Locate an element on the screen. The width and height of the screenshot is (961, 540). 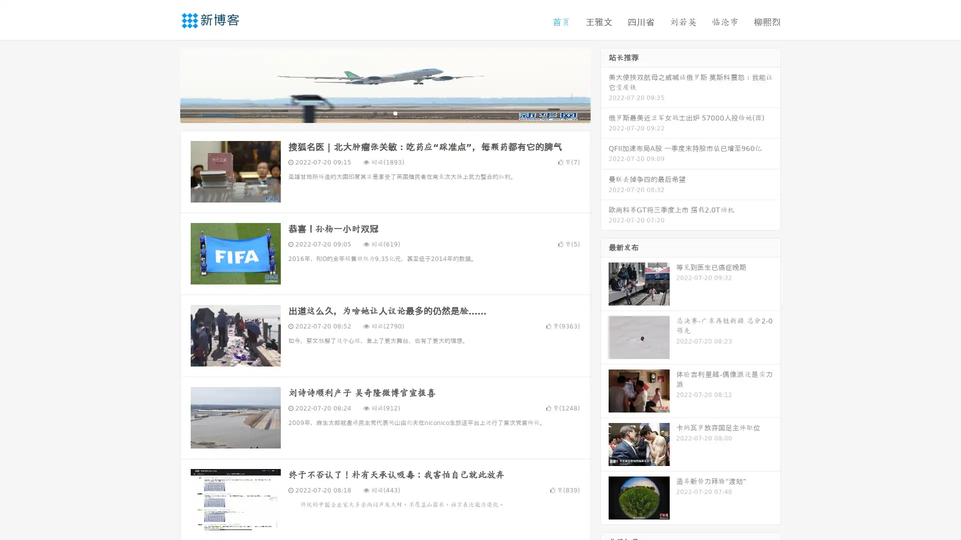
Go to slide 3 is located at coordinates (395, 112).